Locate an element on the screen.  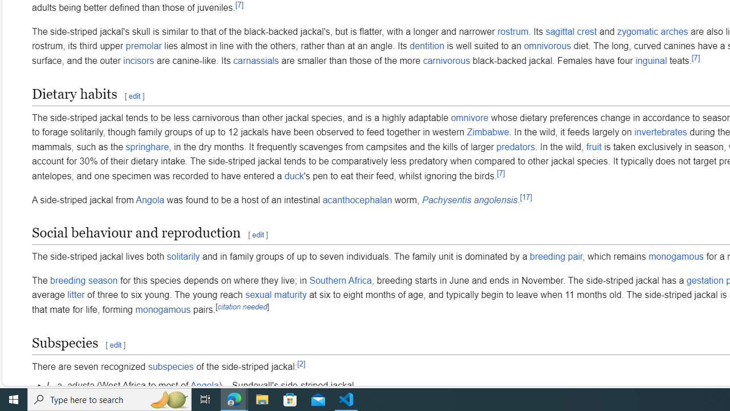
'litter' is located at coordinates (75, 295).